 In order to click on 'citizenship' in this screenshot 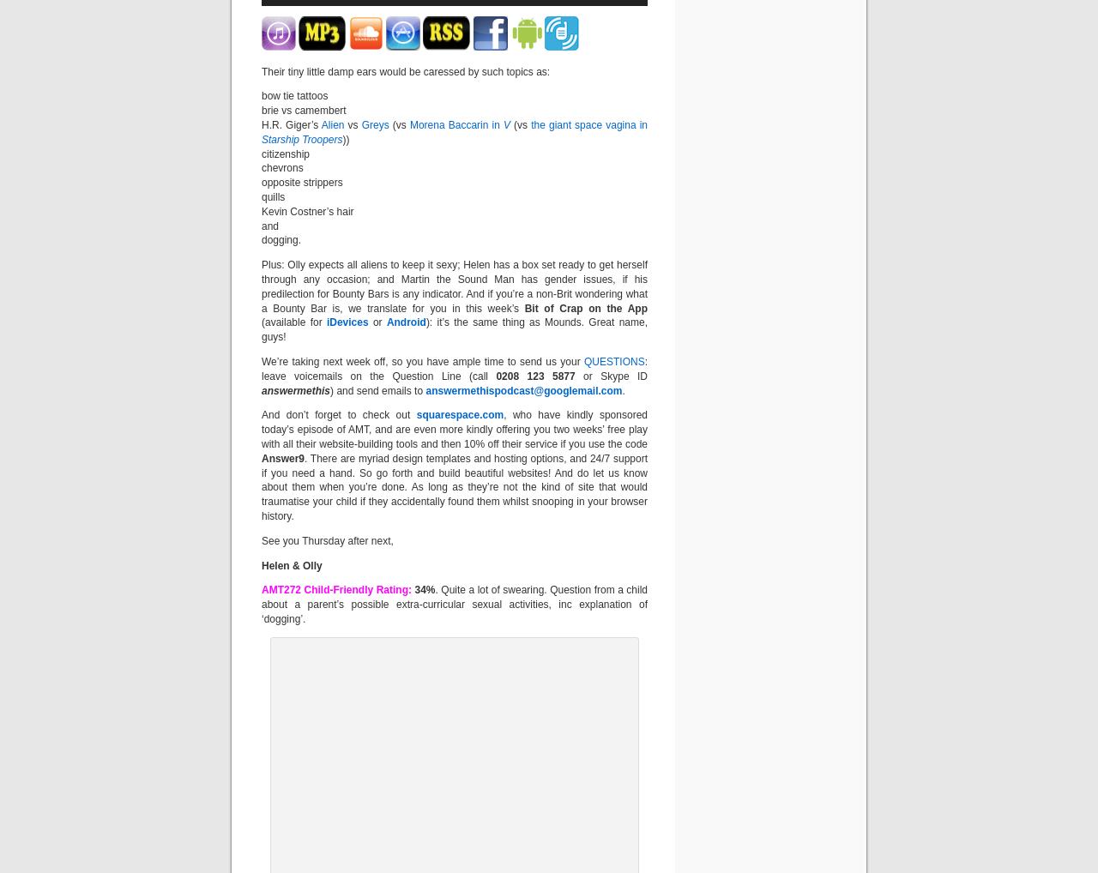, I will do `click(261, 153)`.